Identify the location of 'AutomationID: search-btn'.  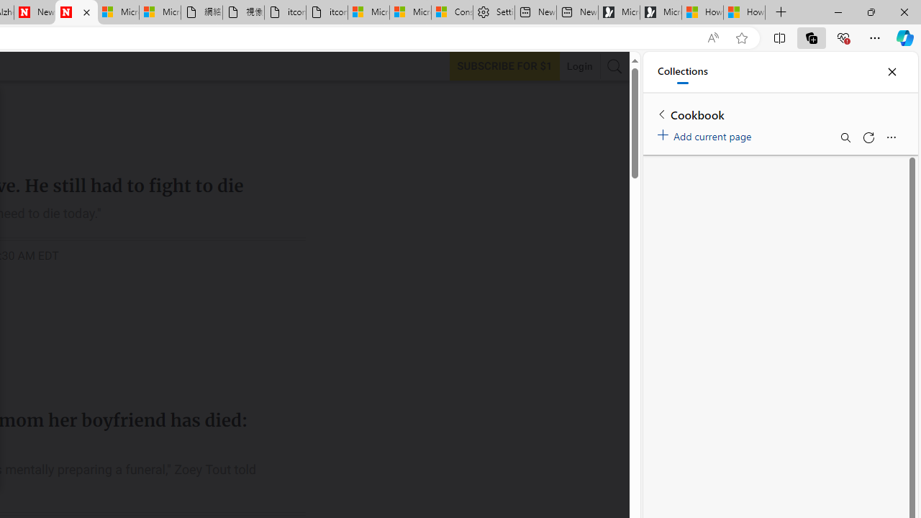
(615, 66).